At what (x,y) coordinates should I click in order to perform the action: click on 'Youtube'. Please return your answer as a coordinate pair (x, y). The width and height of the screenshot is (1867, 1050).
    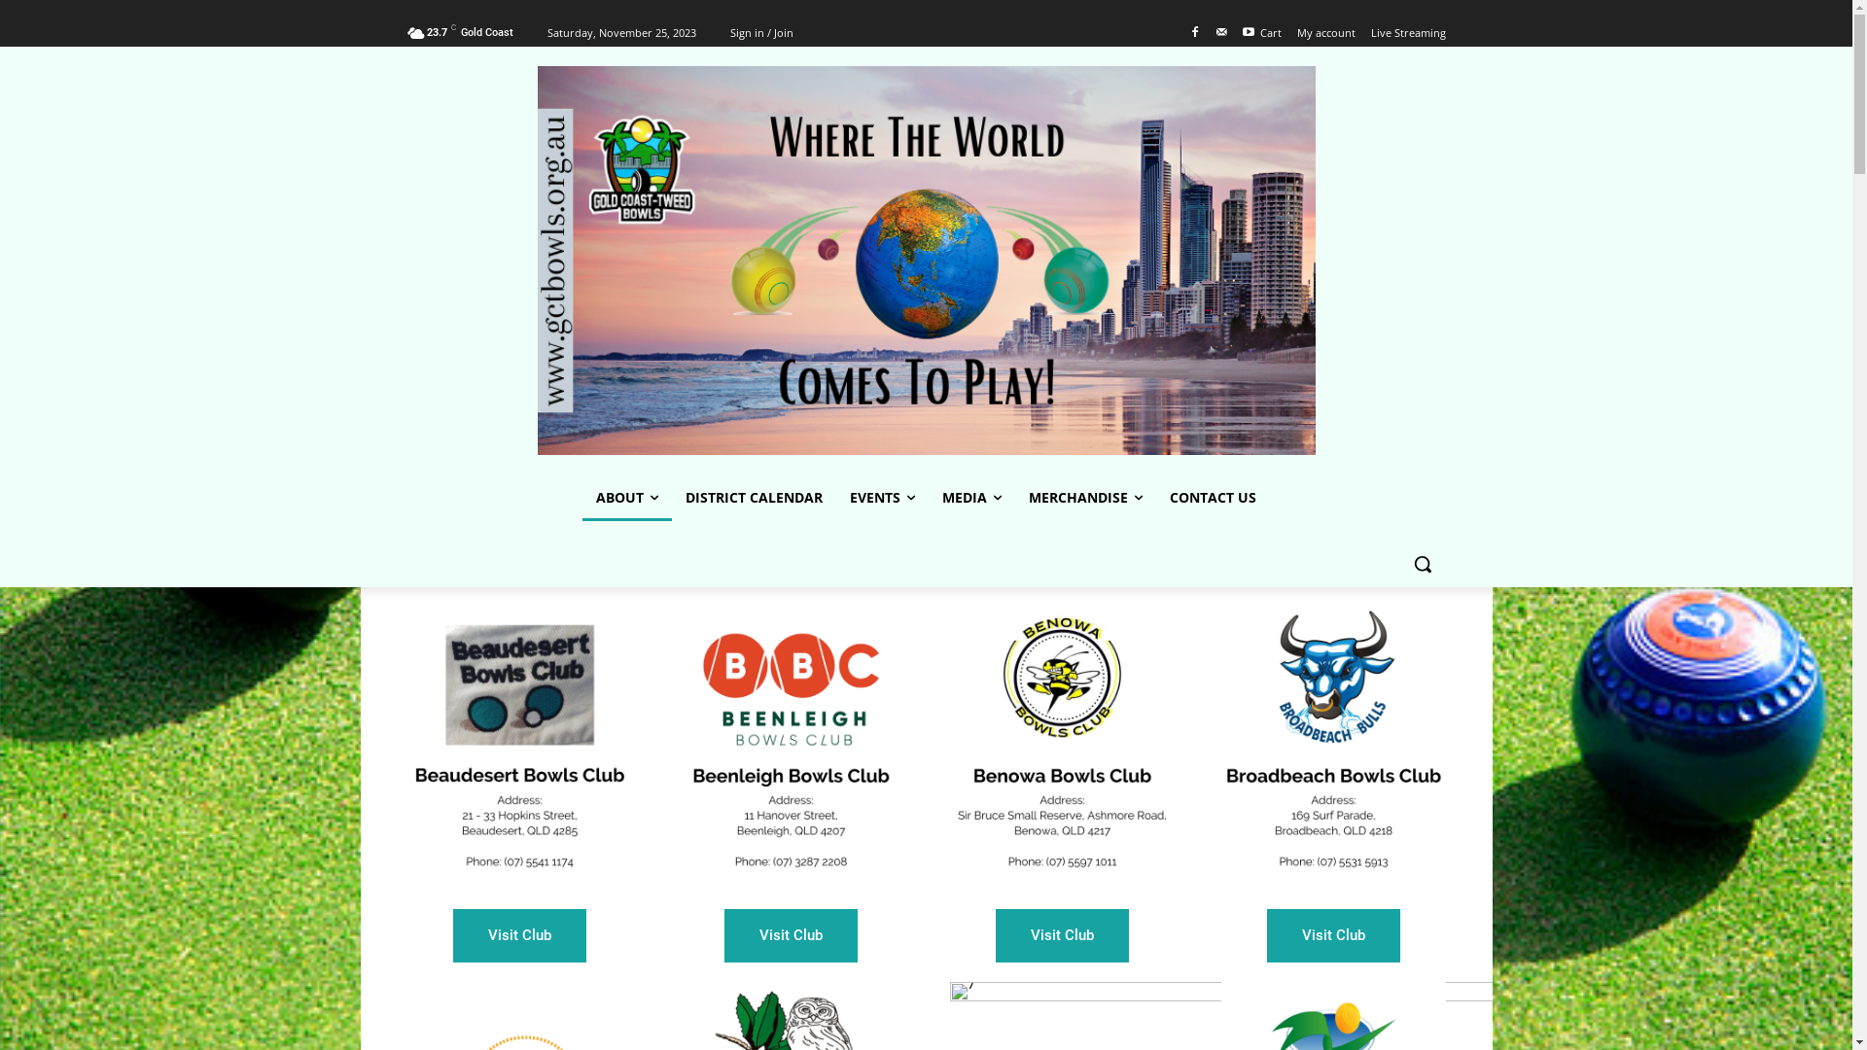
    Looking at the image, I should click on (1249, 32).